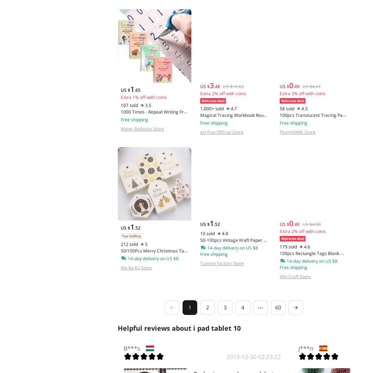 This screenshot has width=368, height=373. What do you see at coordinates (221, 263) in the screenshot?
I see `'Tumoni Factory Store'` at bounding box center [221, 263].